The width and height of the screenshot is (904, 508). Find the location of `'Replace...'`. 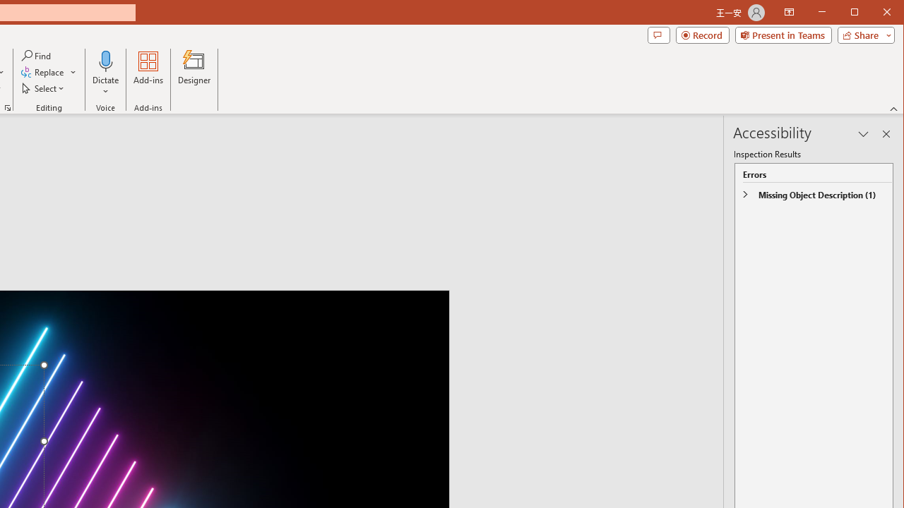

'Replace...' is located at coordinates (49, 72).